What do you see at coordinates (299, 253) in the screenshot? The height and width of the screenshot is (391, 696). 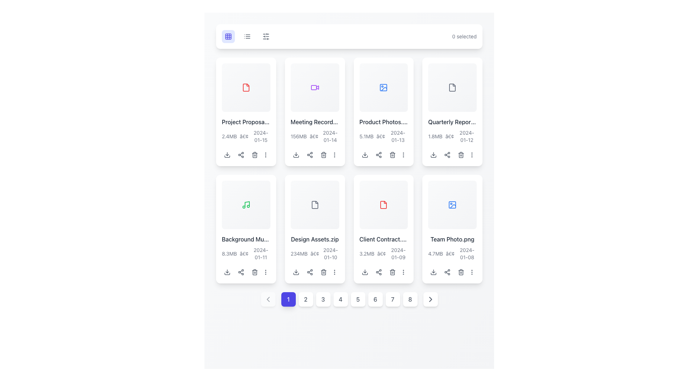 I see `the static text displaying the size of a specific file, which is located in the lower section of a card layout, preceding the separator '•' and the date text '2024-01-10'` at bounding box center [299, 253].